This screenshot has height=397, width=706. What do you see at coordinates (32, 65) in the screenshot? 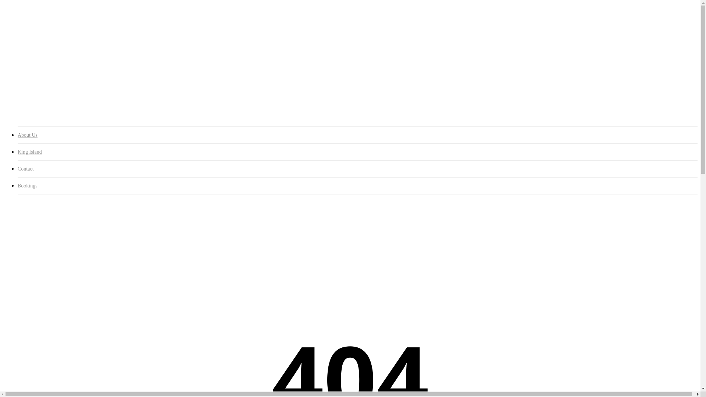
I see `'Guest reviews'` at bounding box center [32, 65].